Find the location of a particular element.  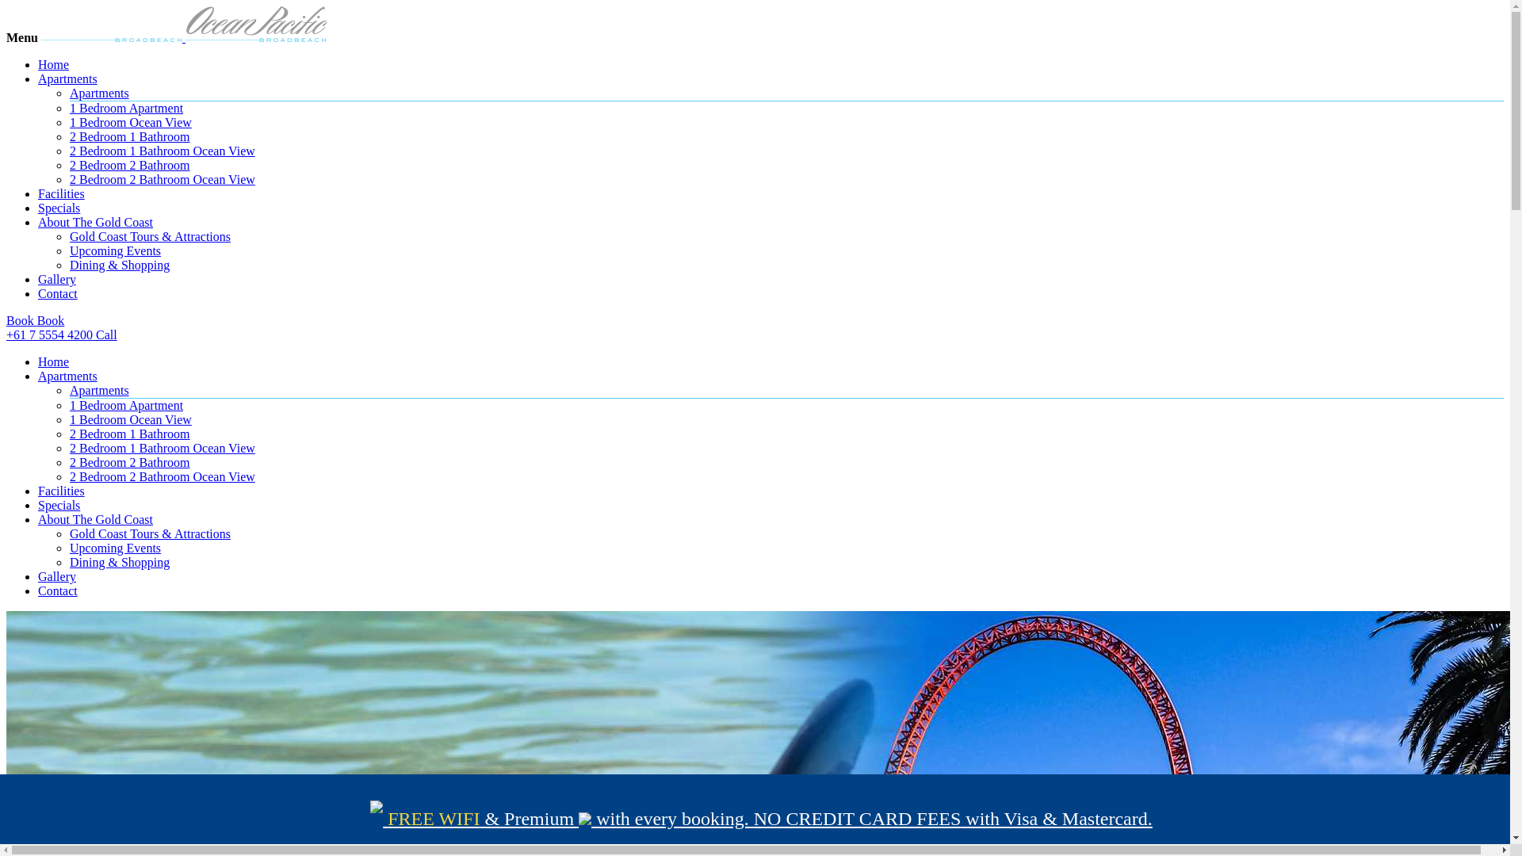

'Contact' is located at coordinates (57, 590).